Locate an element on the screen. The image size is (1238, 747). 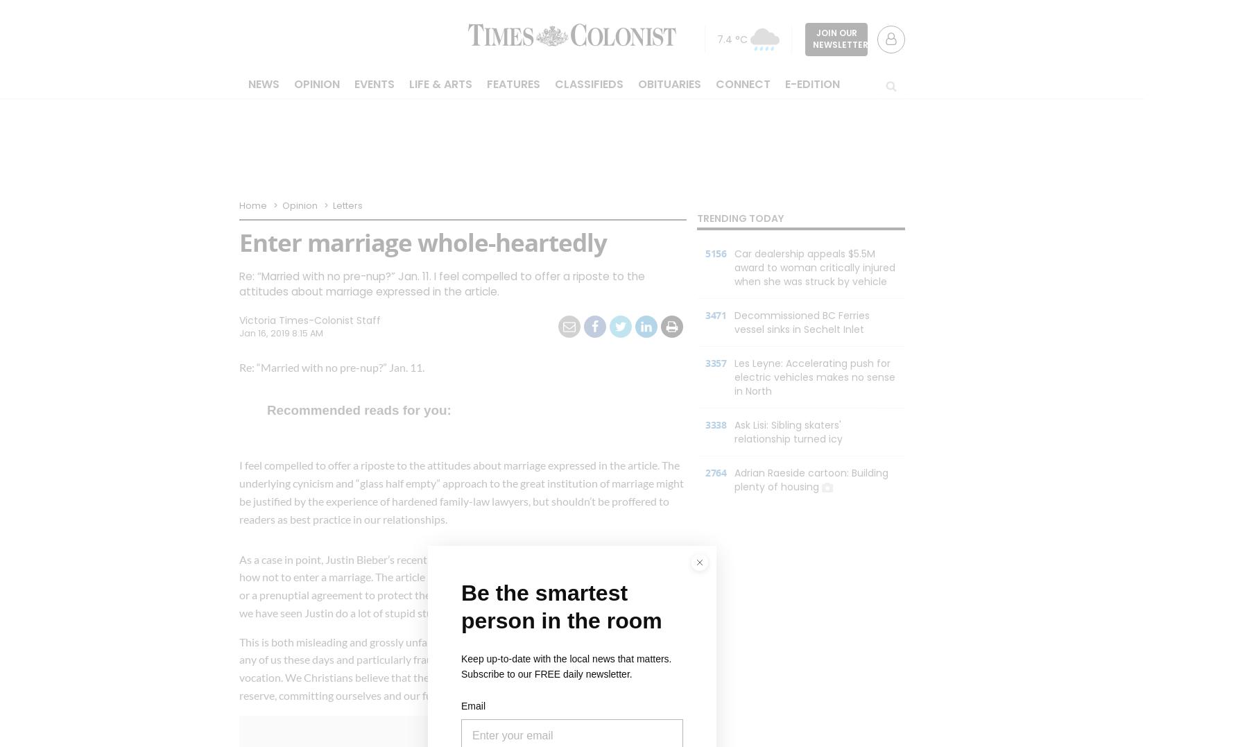
'Jan 16, 2019 8:15 AM' is located at coordinates (280, 333).